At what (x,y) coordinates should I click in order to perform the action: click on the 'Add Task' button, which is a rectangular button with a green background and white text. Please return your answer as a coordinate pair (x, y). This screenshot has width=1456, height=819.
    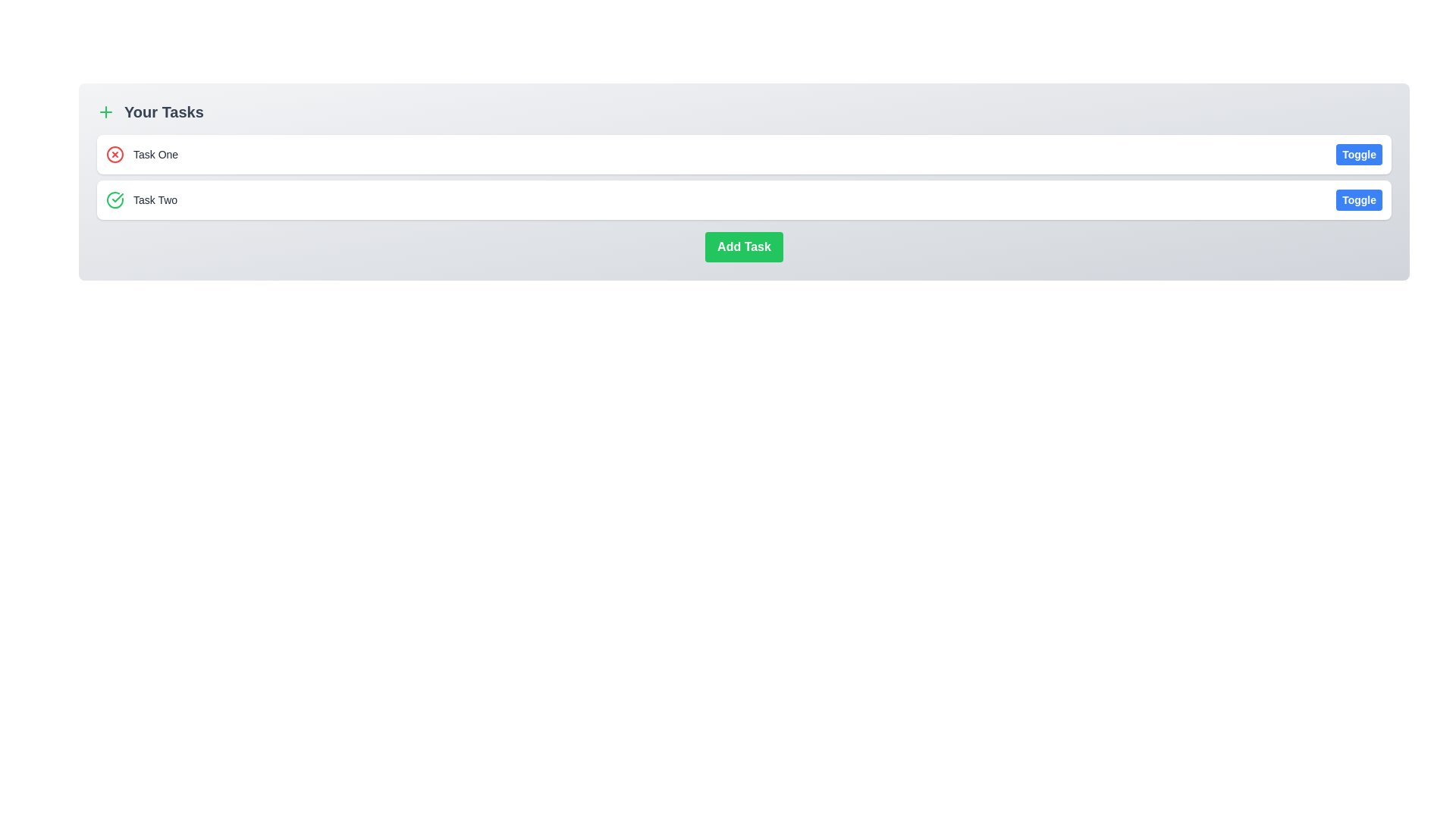
    Looking at the image, I should click on (744, 246).